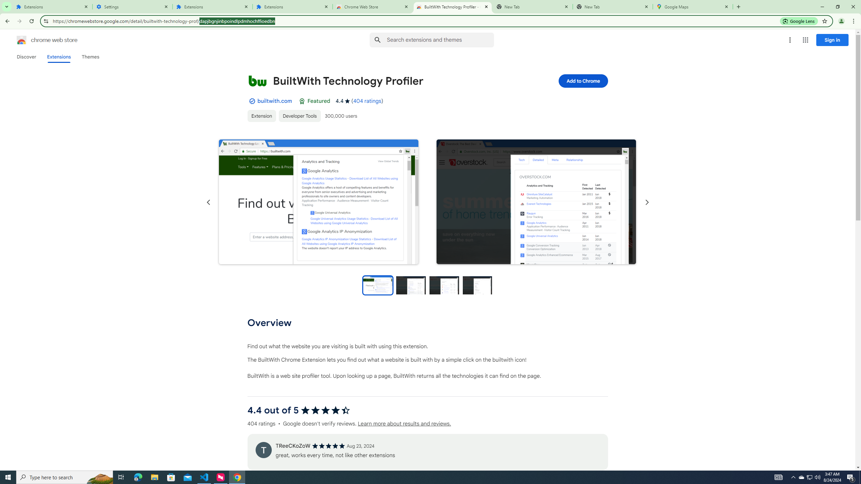 The height and width of the screenshot is (484, 861). I want to click on 'Chrome Web Store', so click(373, 6).